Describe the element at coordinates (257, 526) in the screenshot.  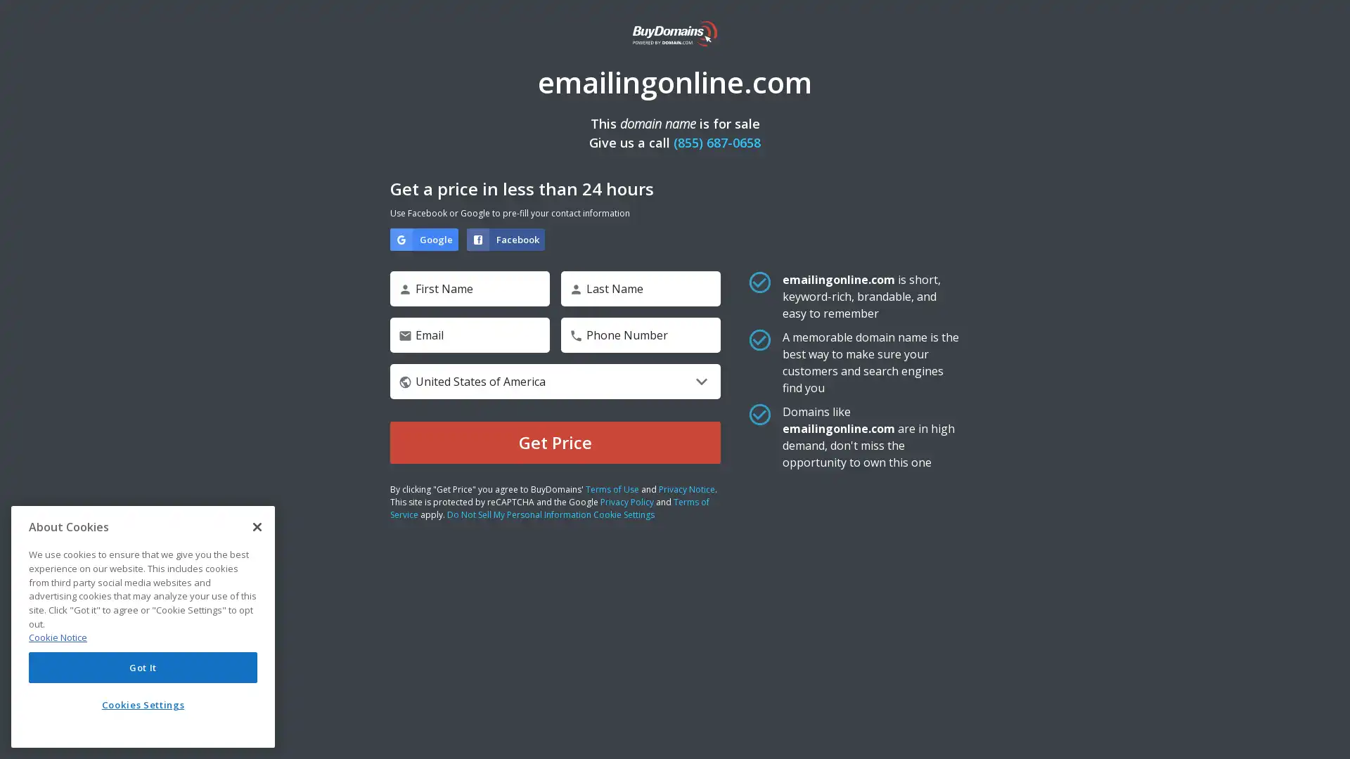
I see `Close` at that location.